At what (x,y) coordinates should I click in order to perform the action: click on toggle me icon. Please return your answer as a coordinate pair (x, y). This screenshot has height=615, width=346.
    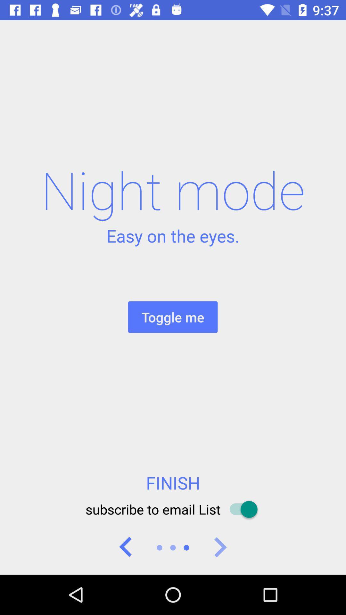
    Looking at the image, I should click on (172, 317).